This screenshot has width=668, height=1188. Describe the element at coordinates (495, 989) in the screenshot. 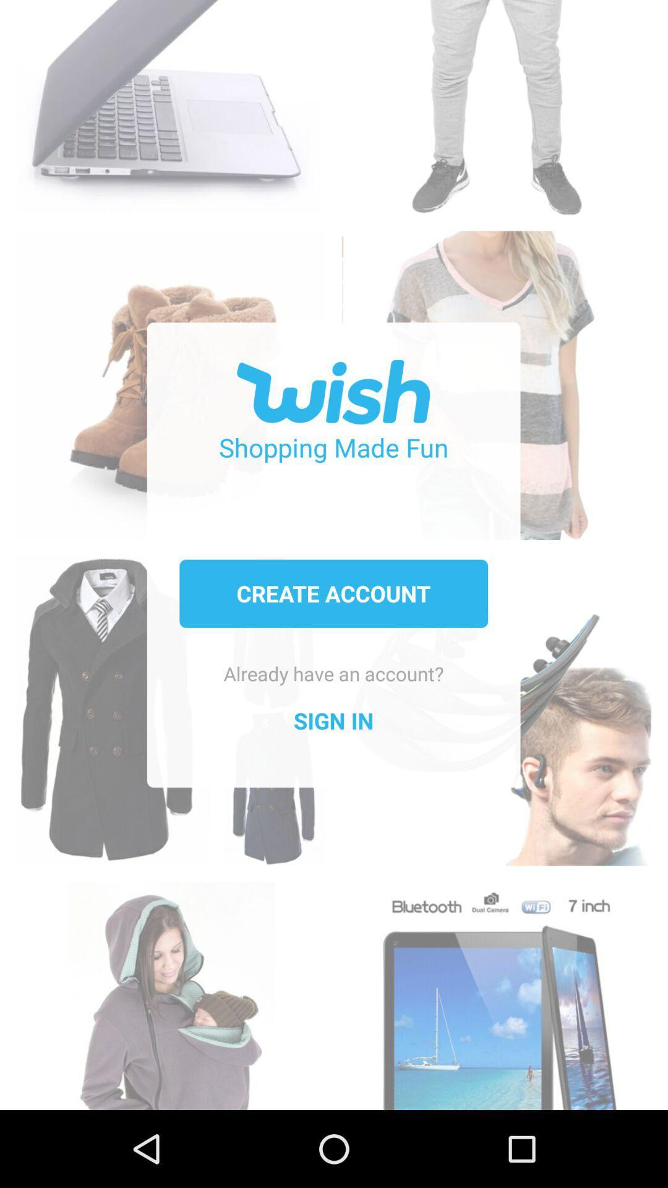

I see `the item at the bottom right corner` at that location.